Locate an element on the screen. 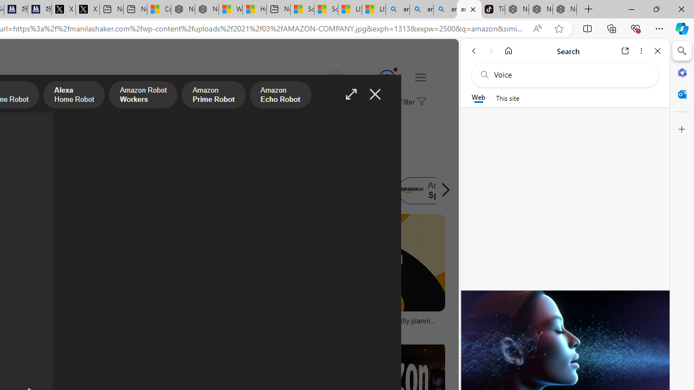 The width and height of the screenshot is (694, 390). 'Close image' is located at coordinates (375, 94).